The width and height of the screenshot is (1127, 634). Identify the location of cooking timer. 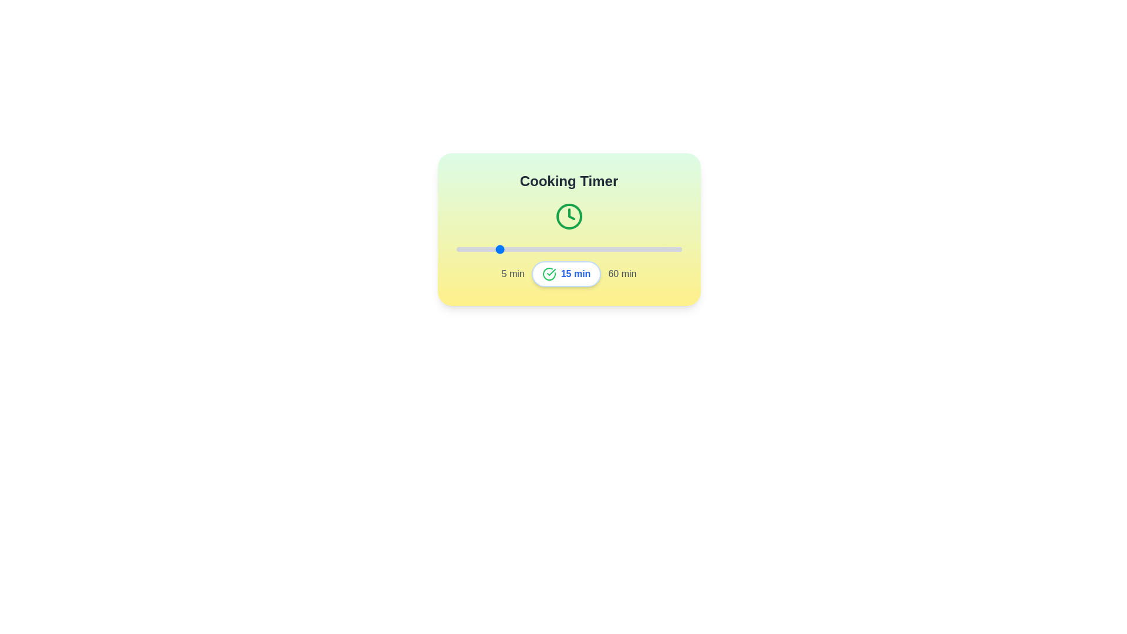
(583, 248).